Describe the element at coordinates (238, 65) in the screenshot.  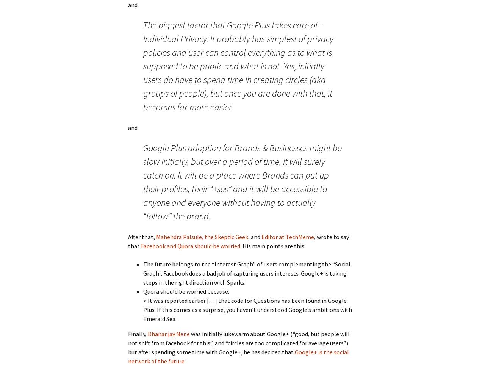
I see `'The biggest factor that Google Plus takes care of – Individual Privacy. It probably has simplest of privacy policies and user can control everything as to what is supposed to be public and what is not. Yes, initially users do have to spend time in creating circles (aka groups of people), but once you are done with that, it becomes far more easier.'` at that location.